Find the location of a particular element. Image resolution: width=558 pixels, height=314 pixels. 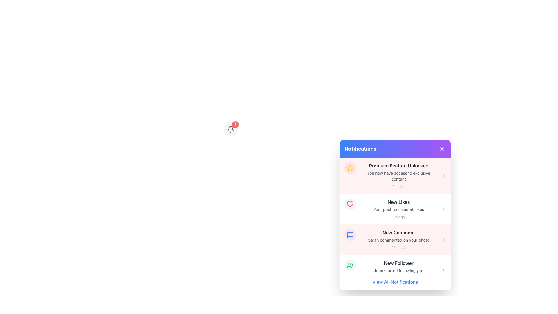

the notification icon styled as a bell with a red circular badge containing the number '4' is located at coordinates (230, 129).